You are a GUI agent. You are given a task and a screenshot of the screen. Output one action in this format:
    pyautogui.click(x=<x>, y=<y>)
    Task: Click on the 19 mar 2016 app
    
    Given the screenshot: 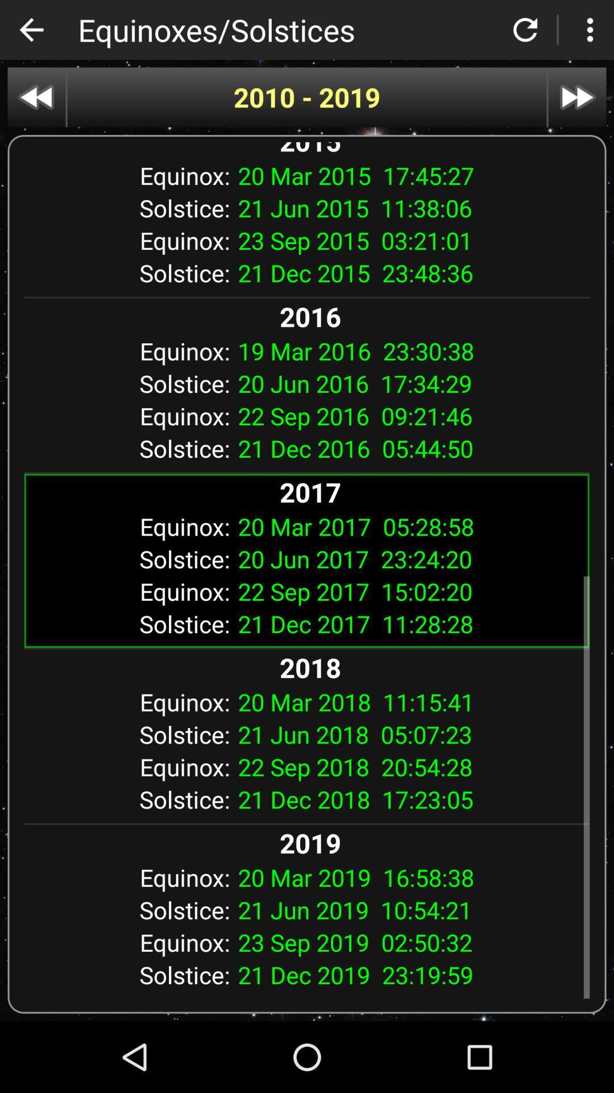 What is the action you would take?
    pyautogui.click(x=409, y=350)
    